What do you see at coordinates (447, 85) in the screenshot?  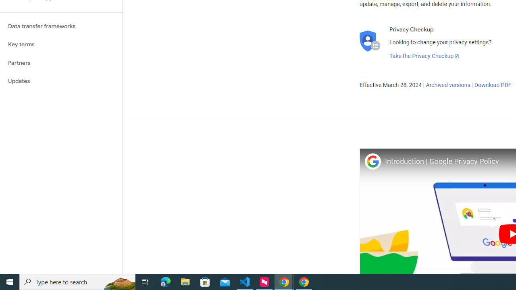 I see `'Archived versions'` at bounding box center [447, 85].